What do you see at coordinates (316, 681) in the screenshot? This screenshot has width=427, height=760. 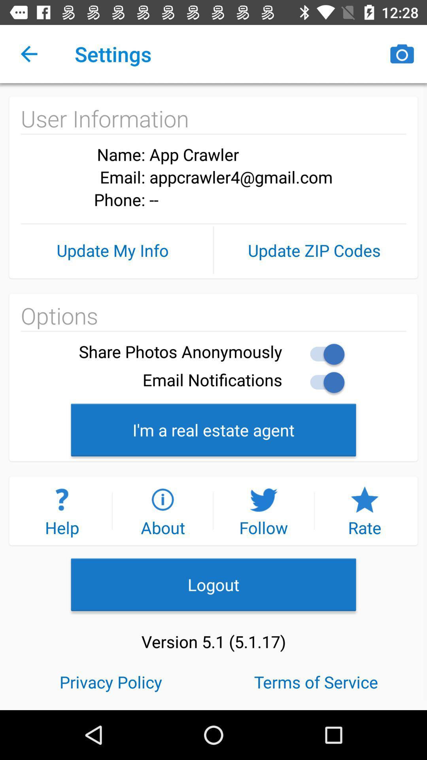 I see `terms of service item` at bounding box center [316, 681].